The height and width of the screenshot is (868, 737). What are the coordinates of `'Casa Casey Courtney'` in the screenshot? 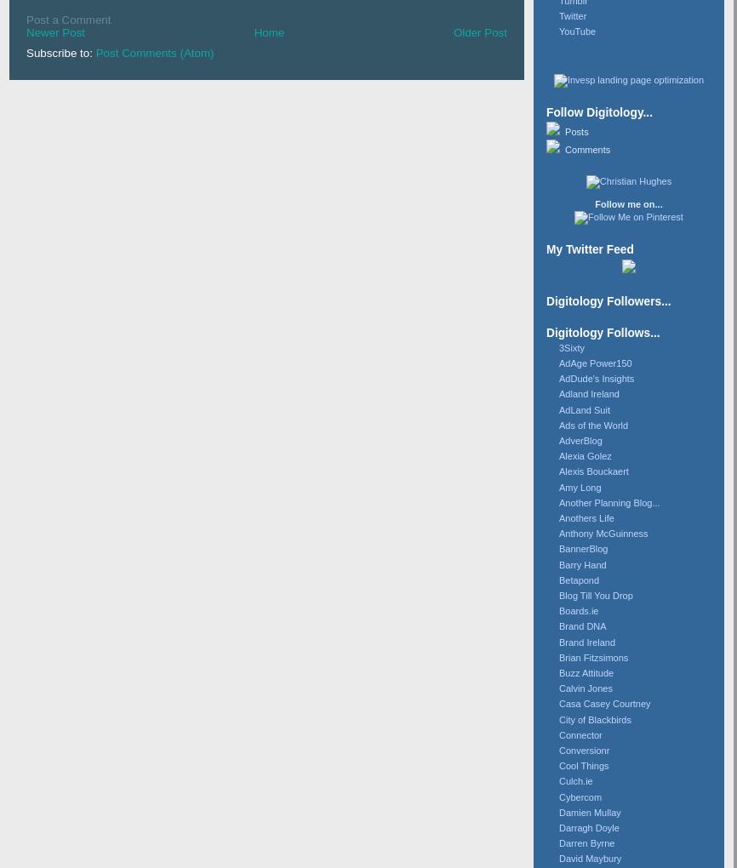 It's located at (558, 704).